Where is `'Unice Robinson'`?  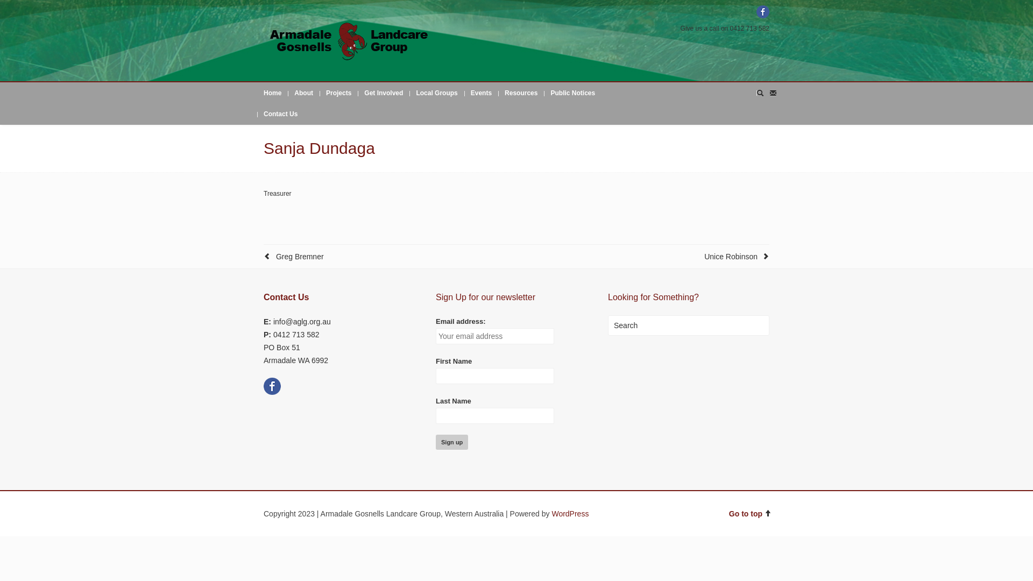
'Unice Robinson' is located at coordinates (731, 257).